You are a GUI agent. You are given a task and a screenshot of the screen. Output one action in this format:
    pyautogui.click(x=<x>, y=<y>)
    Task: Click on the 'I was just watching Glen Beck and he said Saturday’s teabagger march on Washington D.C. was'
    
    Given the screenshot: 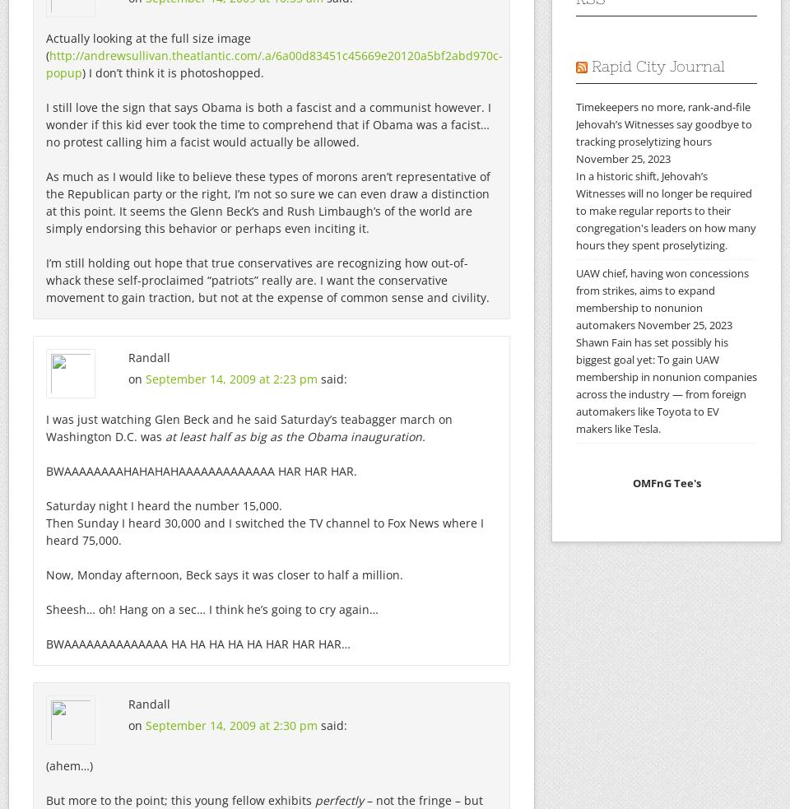 What is the action you would take?
    pyautogui.click(x=249, y=428)
    